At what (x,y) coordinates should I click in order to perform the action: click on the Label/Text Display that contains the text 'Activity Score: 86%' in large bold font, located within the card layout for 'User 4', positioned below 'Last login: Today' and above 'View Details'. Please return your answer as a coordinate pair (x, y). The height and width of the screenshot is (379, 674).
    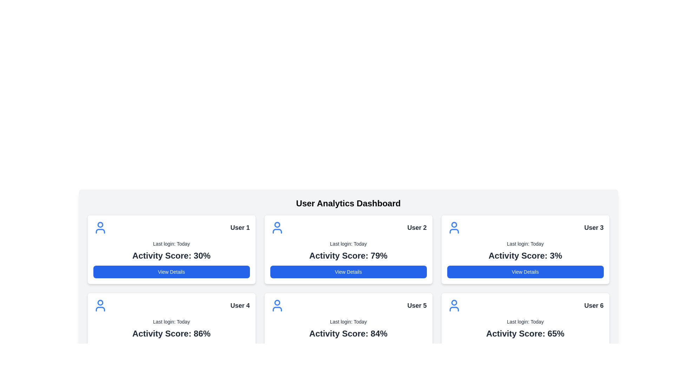
    Looking at the image, I should click on (171, 333).